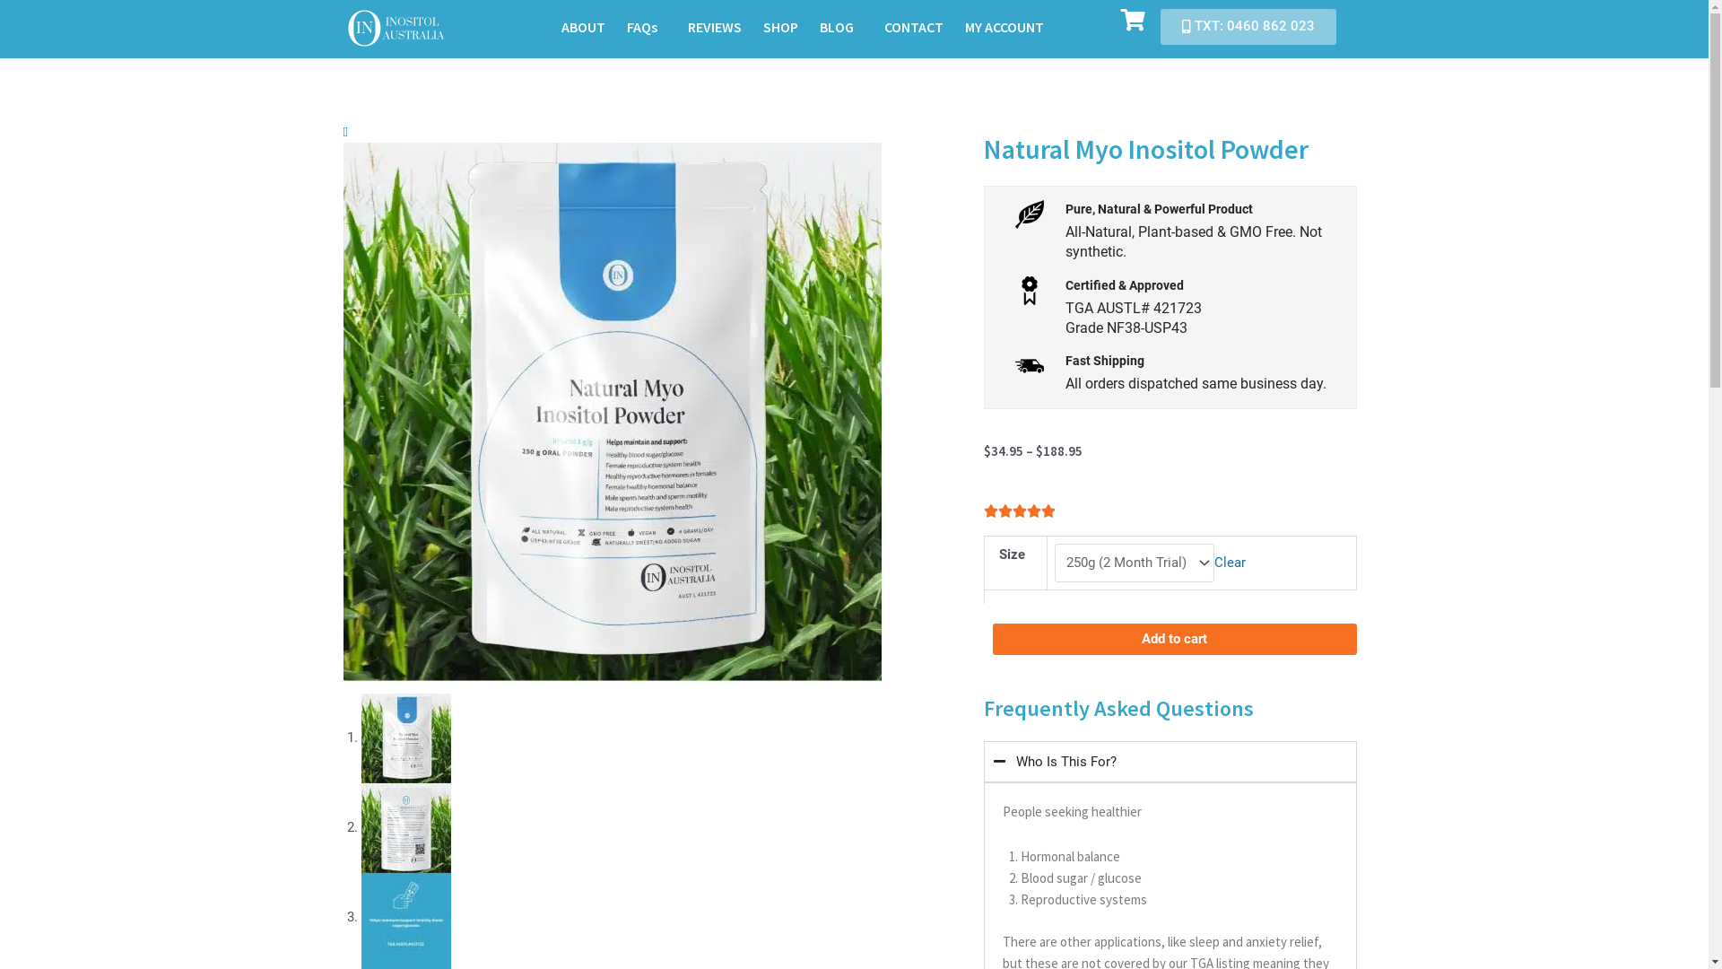  Describe the element at coordinates (583, 27) in the screenshot. I see `'ABOUT'` at that location.